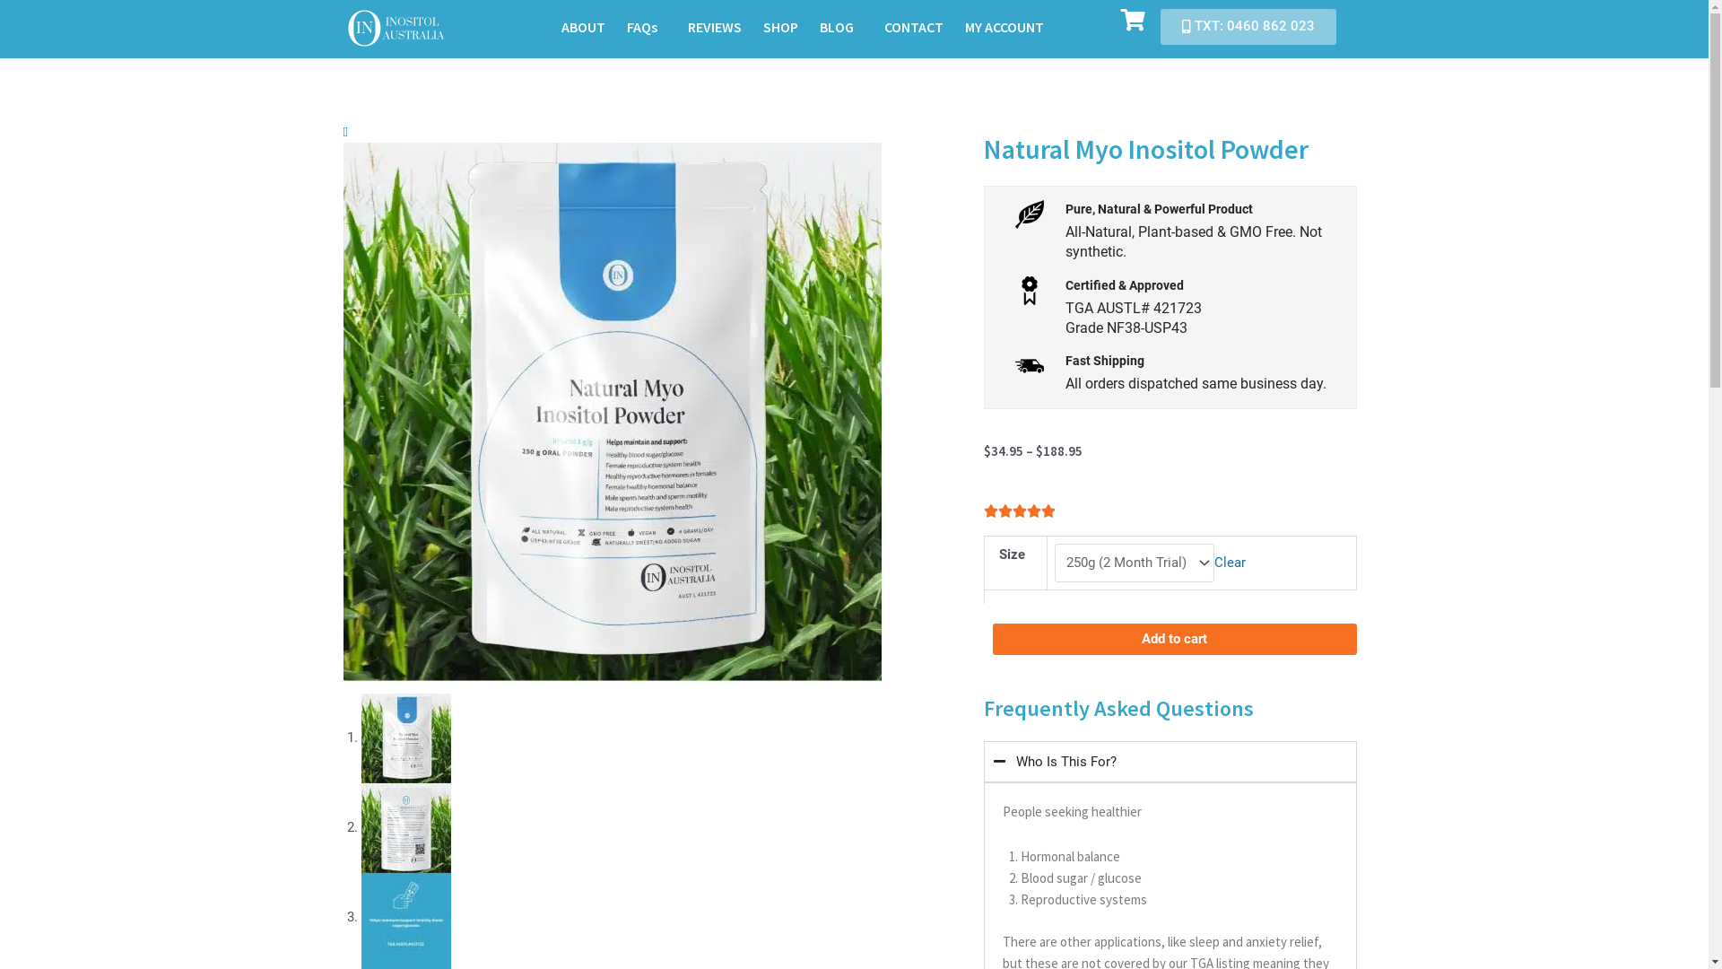  Describe the element at coordinates (583, 27) in the screenshot. I see `'ABOUT'` at that location.